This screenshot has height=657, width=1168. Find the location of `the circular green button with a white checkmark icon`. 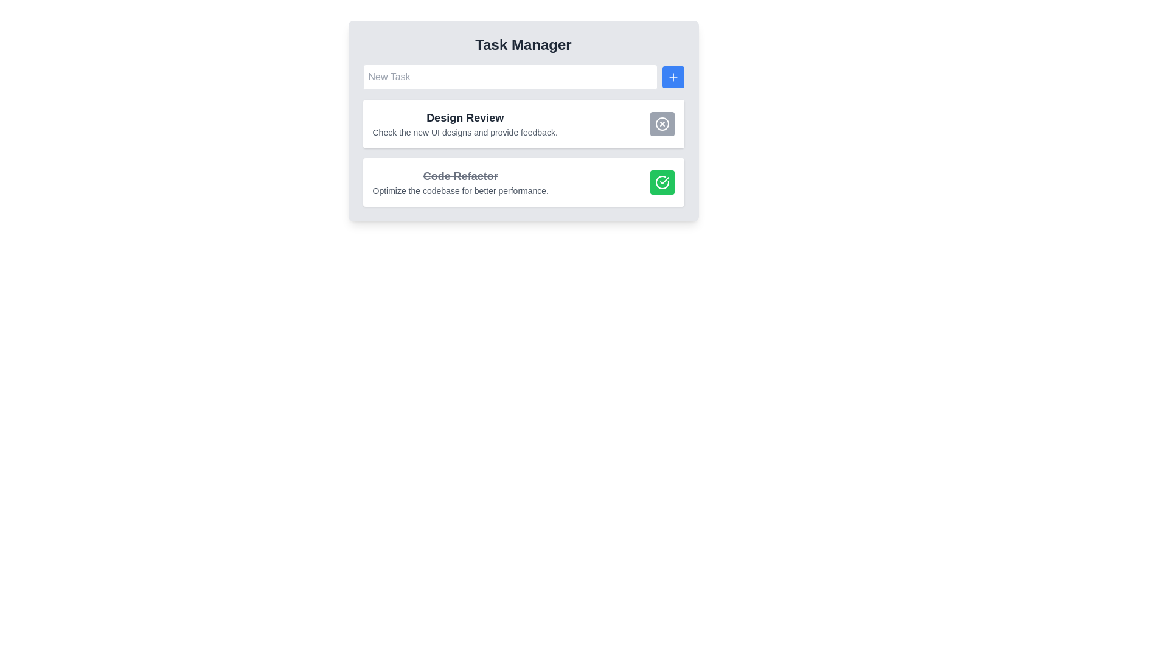

the circular green button with a white checkmark icon is located at coordinates (661, 182).